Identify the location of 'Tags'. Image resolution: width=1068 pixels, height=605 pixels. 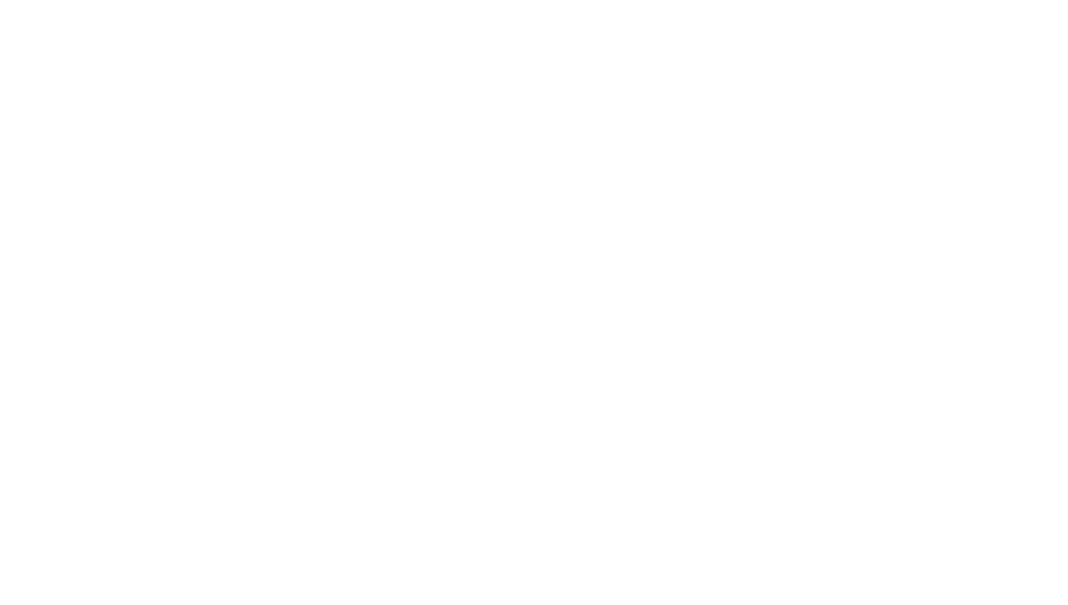
(347, 488).